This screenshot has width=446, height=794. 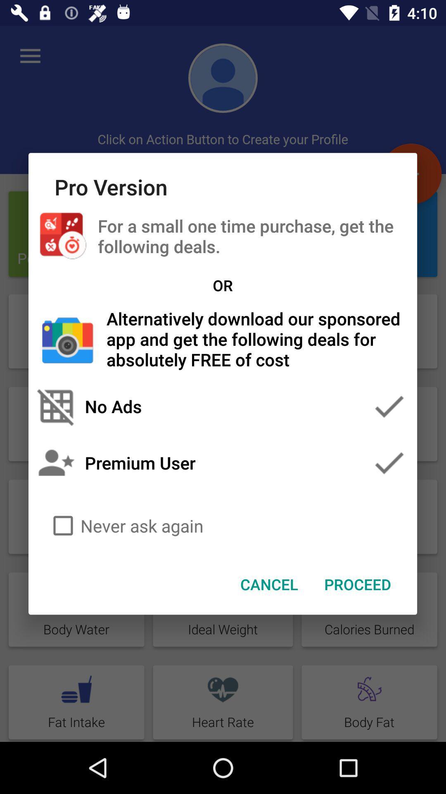 What do you see at coordinates (222, 525) in the screenshot?
I see `the never ask again` at bounding box center [222, 525].